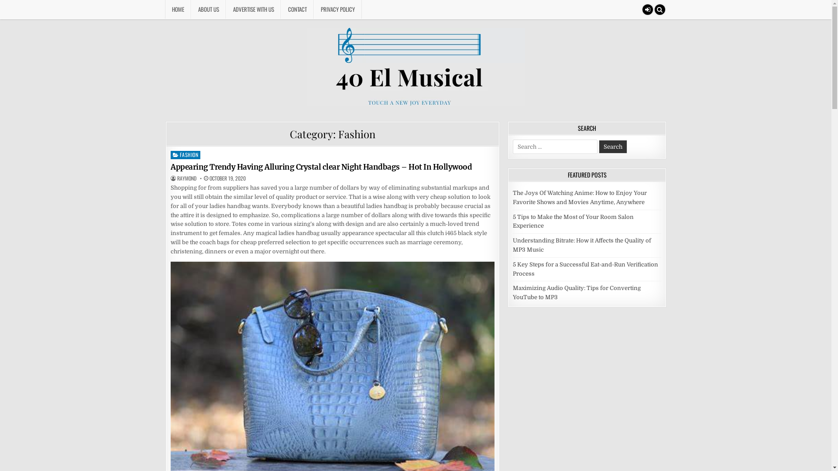 Image resolution: width=838 pixels, height=471 pixels. I want to click on '5 Tips to Make the Most of Your Room Salon Experience', so click(573, 221).